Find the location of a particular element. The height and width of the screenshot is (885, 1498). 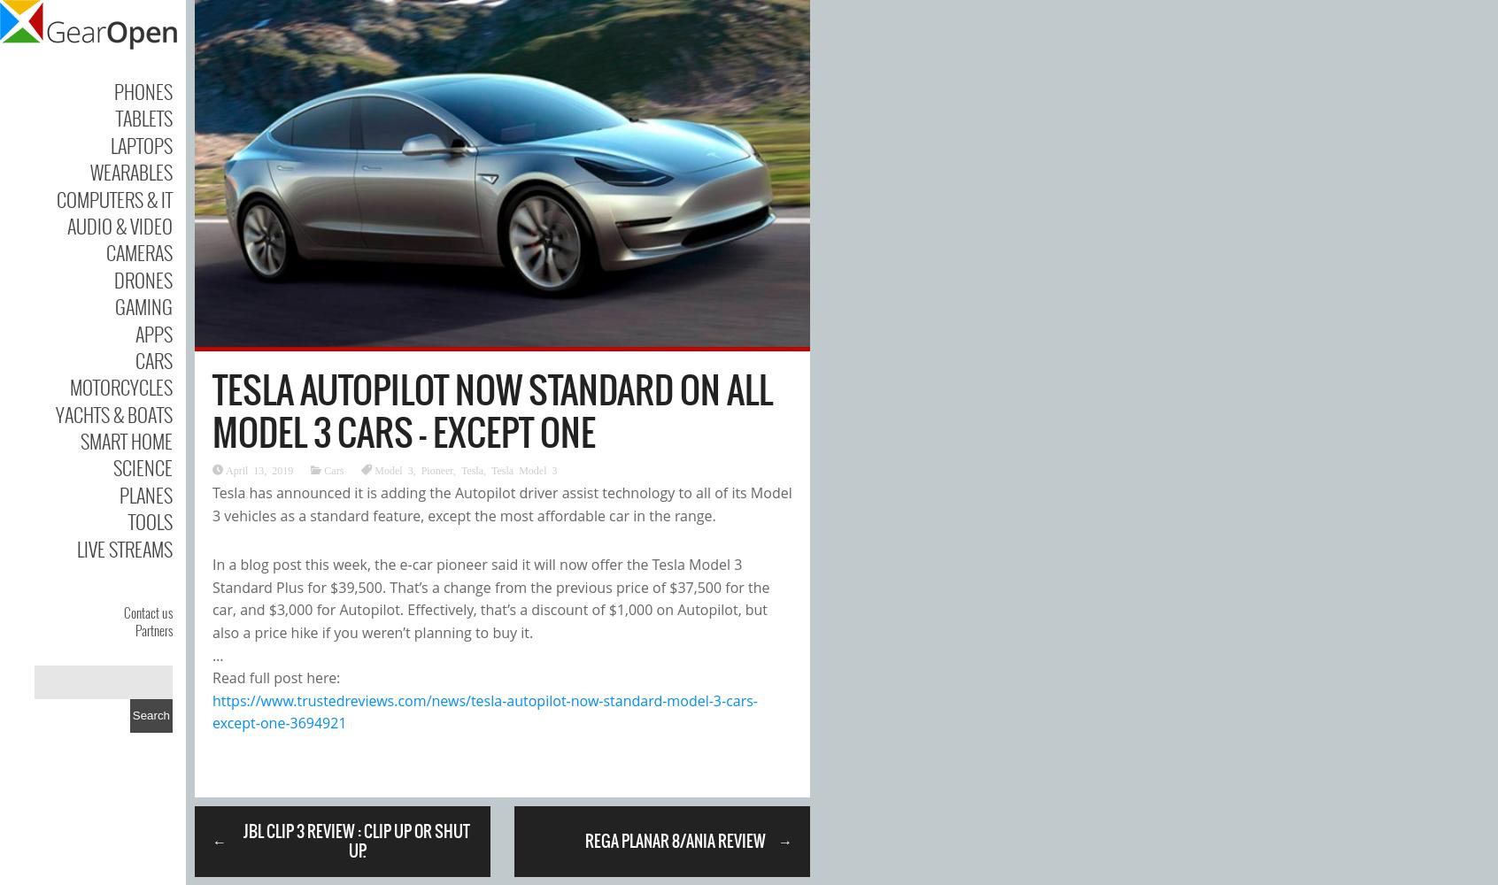

'In a blog post this week, the e-car pioneer said it will now offer the Tesla Model 3 Standard Plus for $39,500. That’s a change from the previous price of $37,500 for the car, and $3,000 for Autopilot. Effectively, that’s a discount of $1,000 on Autopilot, but also a price hike if you weren’t planning to buy it.' is located at coordinates (490, 598).